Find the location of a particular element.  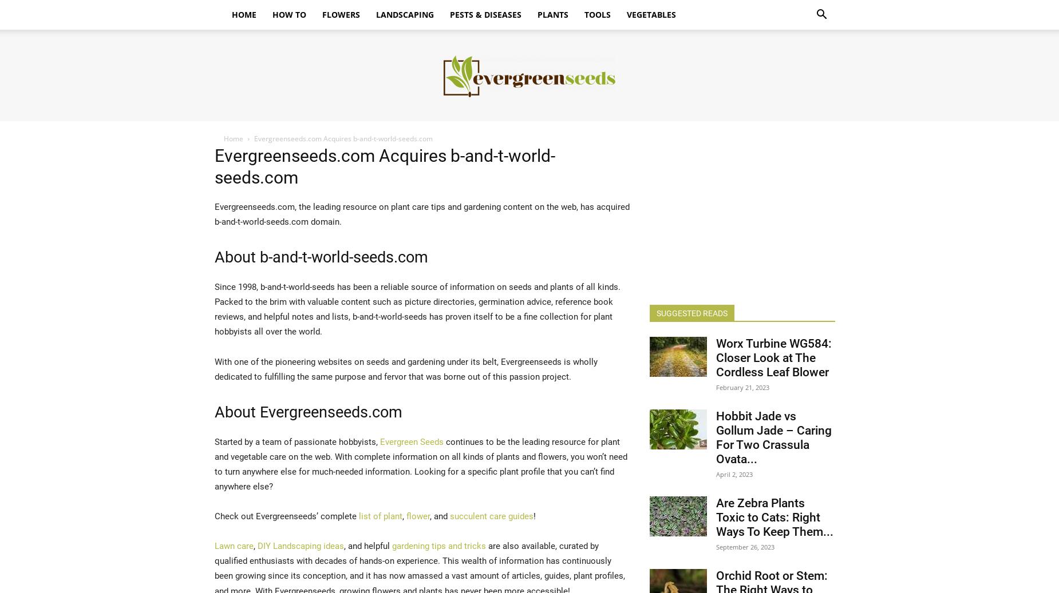

'Are Zebra Plants Toxic to Cats: Right Ways To Keep Them...' is located at coordinates (774, 517).